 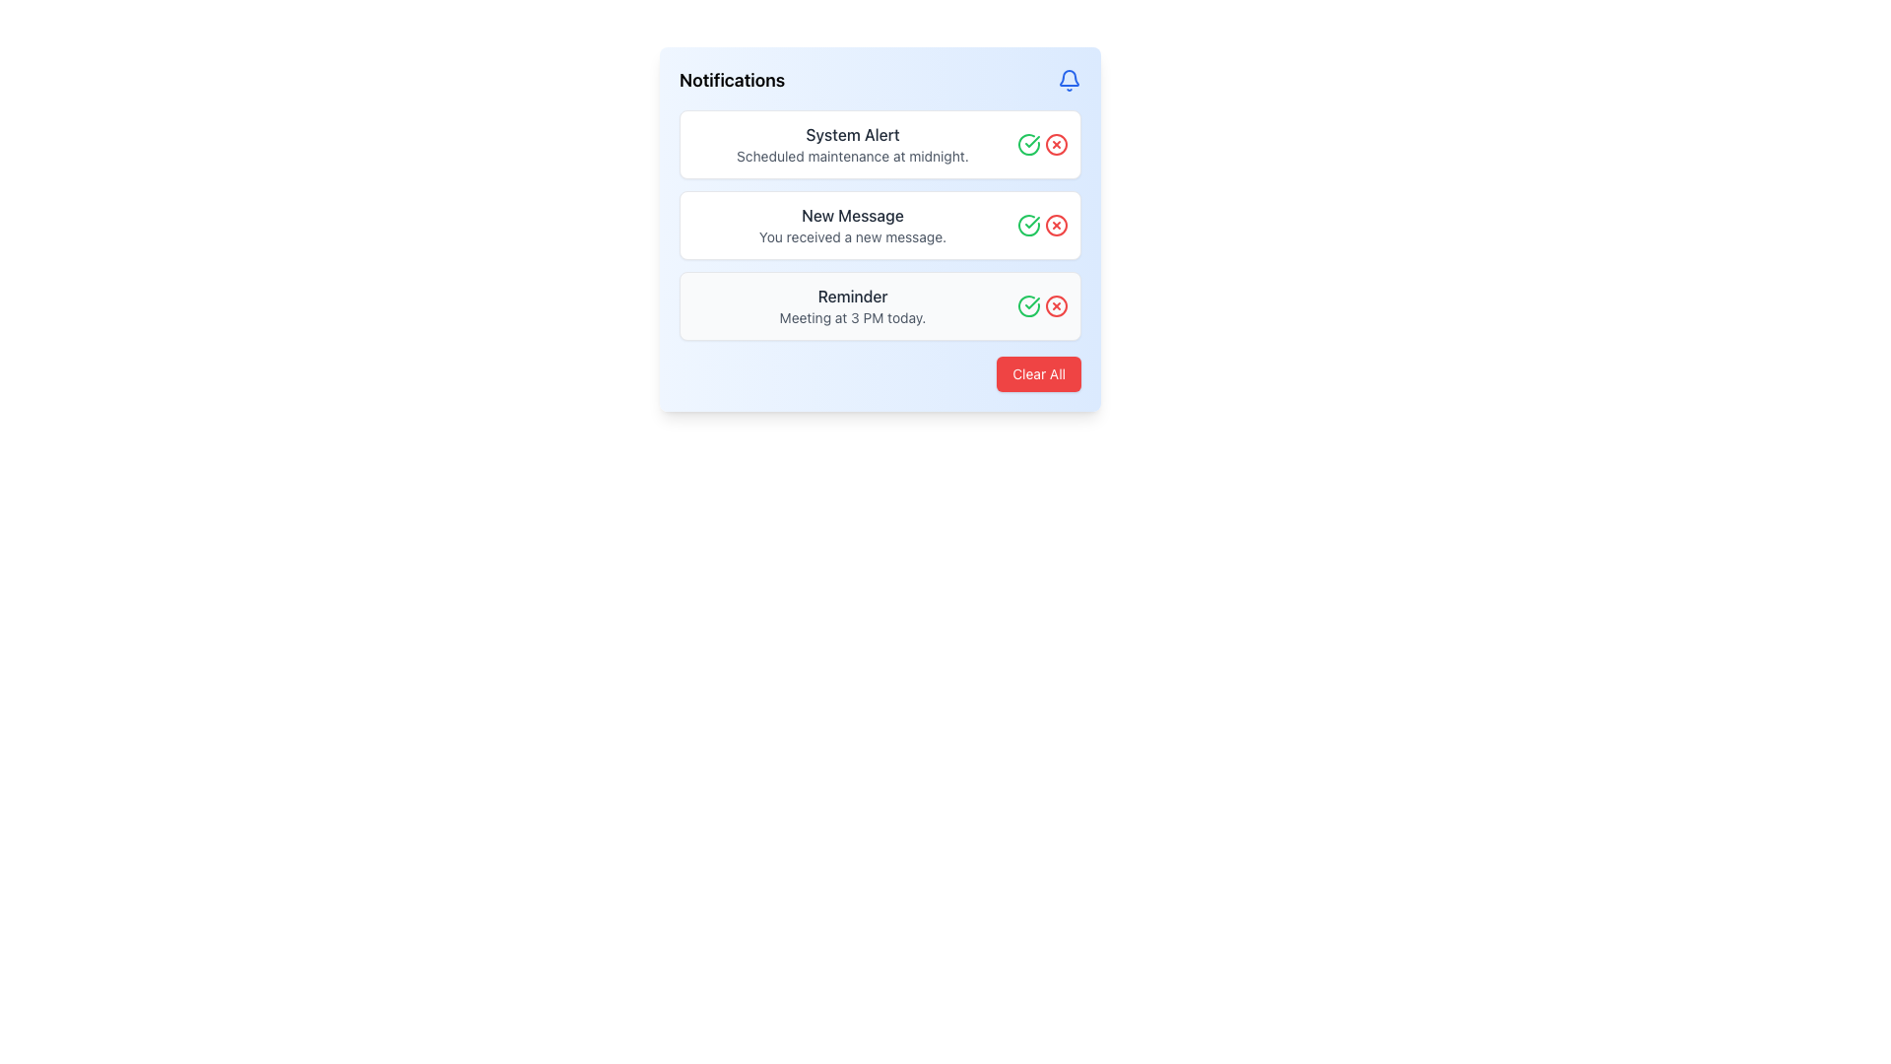 I want to click on the static text element reading 'New Message' that is styled in dark gray and located near the top center of the notification card, so click(x=852, y=216).